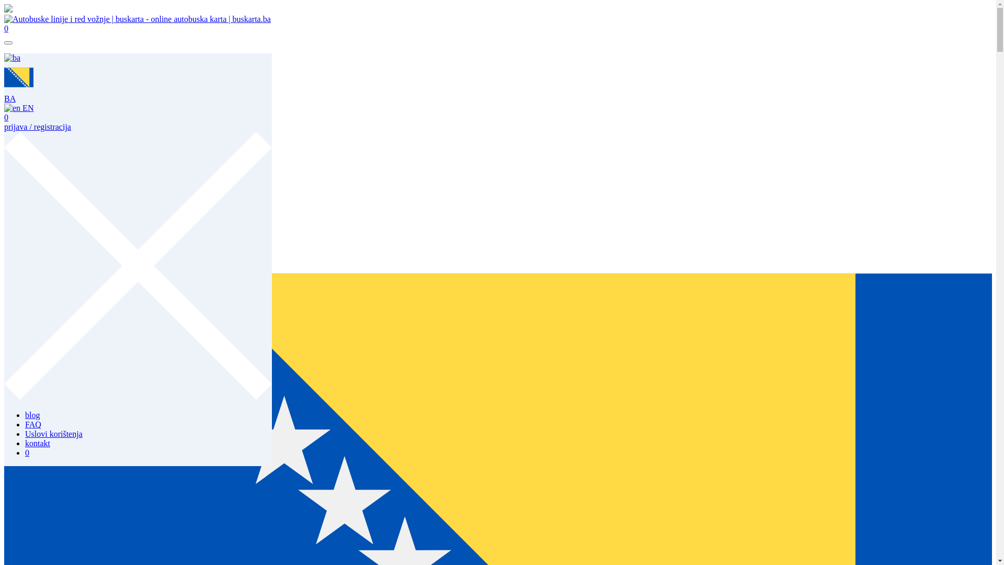 Image resolution: width=1004 pixels, height=565 pixels. I want to click on '0', so click(27, 452).